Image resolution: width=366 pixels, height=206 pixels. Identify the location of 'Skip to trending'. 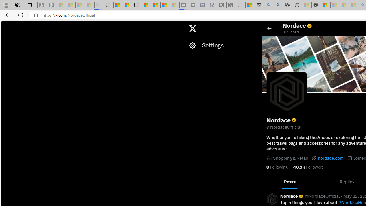
(6, 26).